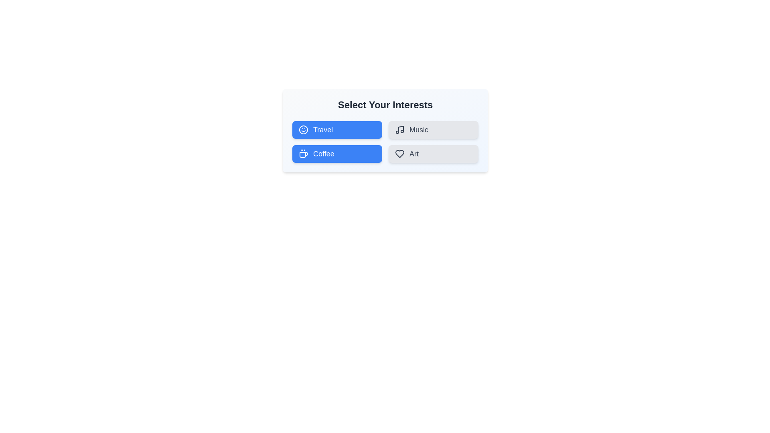  What do you see at coordinates (337, 154) in the screenshot?
I see `the interest Coffee by clicking its button` at bounding box center [337, 154].